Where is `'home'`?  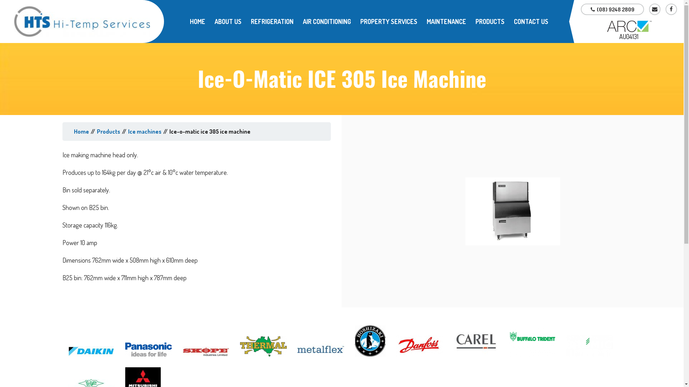 'home' is located at coordinates (81, 131).